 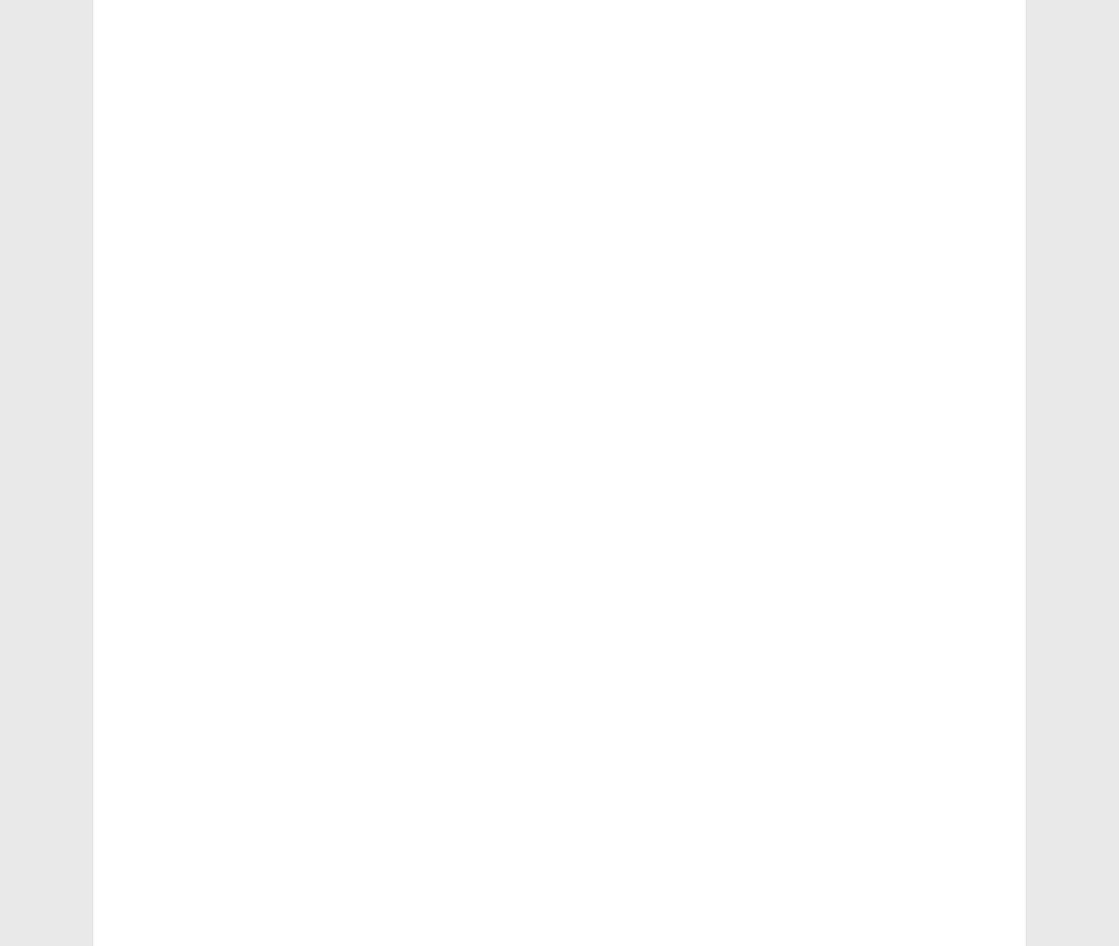 I want to click on 'e-accounting', so click(x=841, y=240).